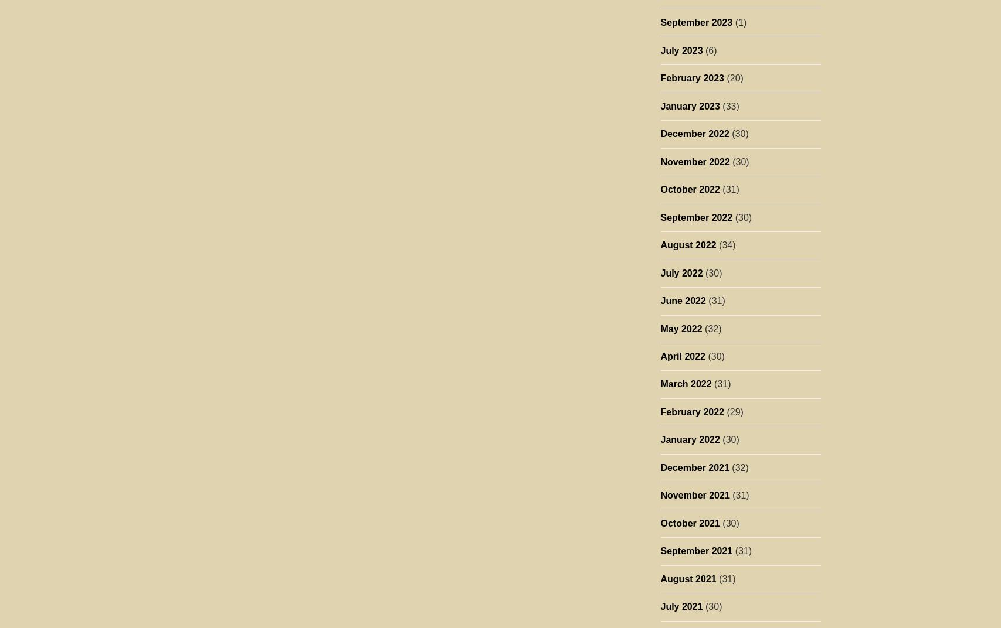 This screenshot has height=628, width=1001. Describe the element at coordinates (659, 161) in the screenshot. I see `'November 2022'` at that location.